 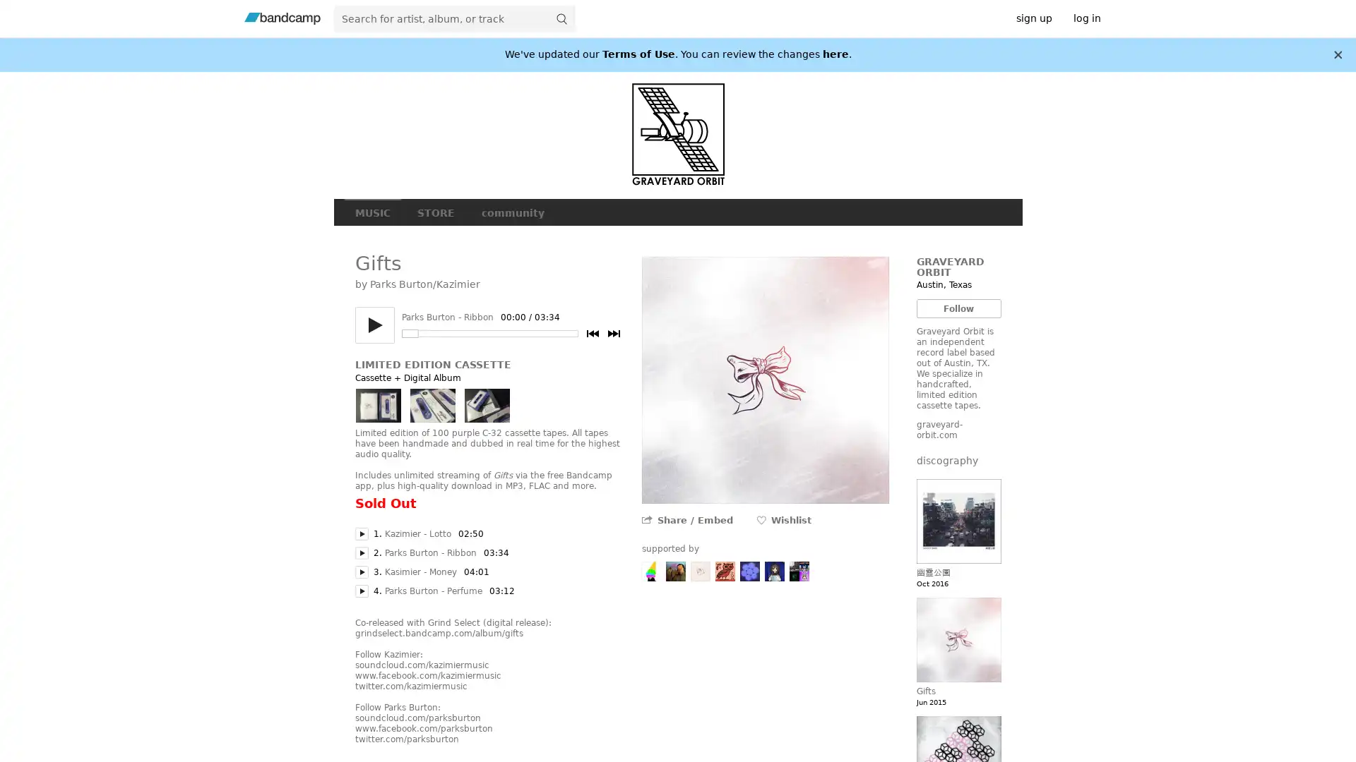 What do you see at coordinates (361, 571) in the screenshot?
I see `Play Kasimier - Money` at bounding box center [361, 571].